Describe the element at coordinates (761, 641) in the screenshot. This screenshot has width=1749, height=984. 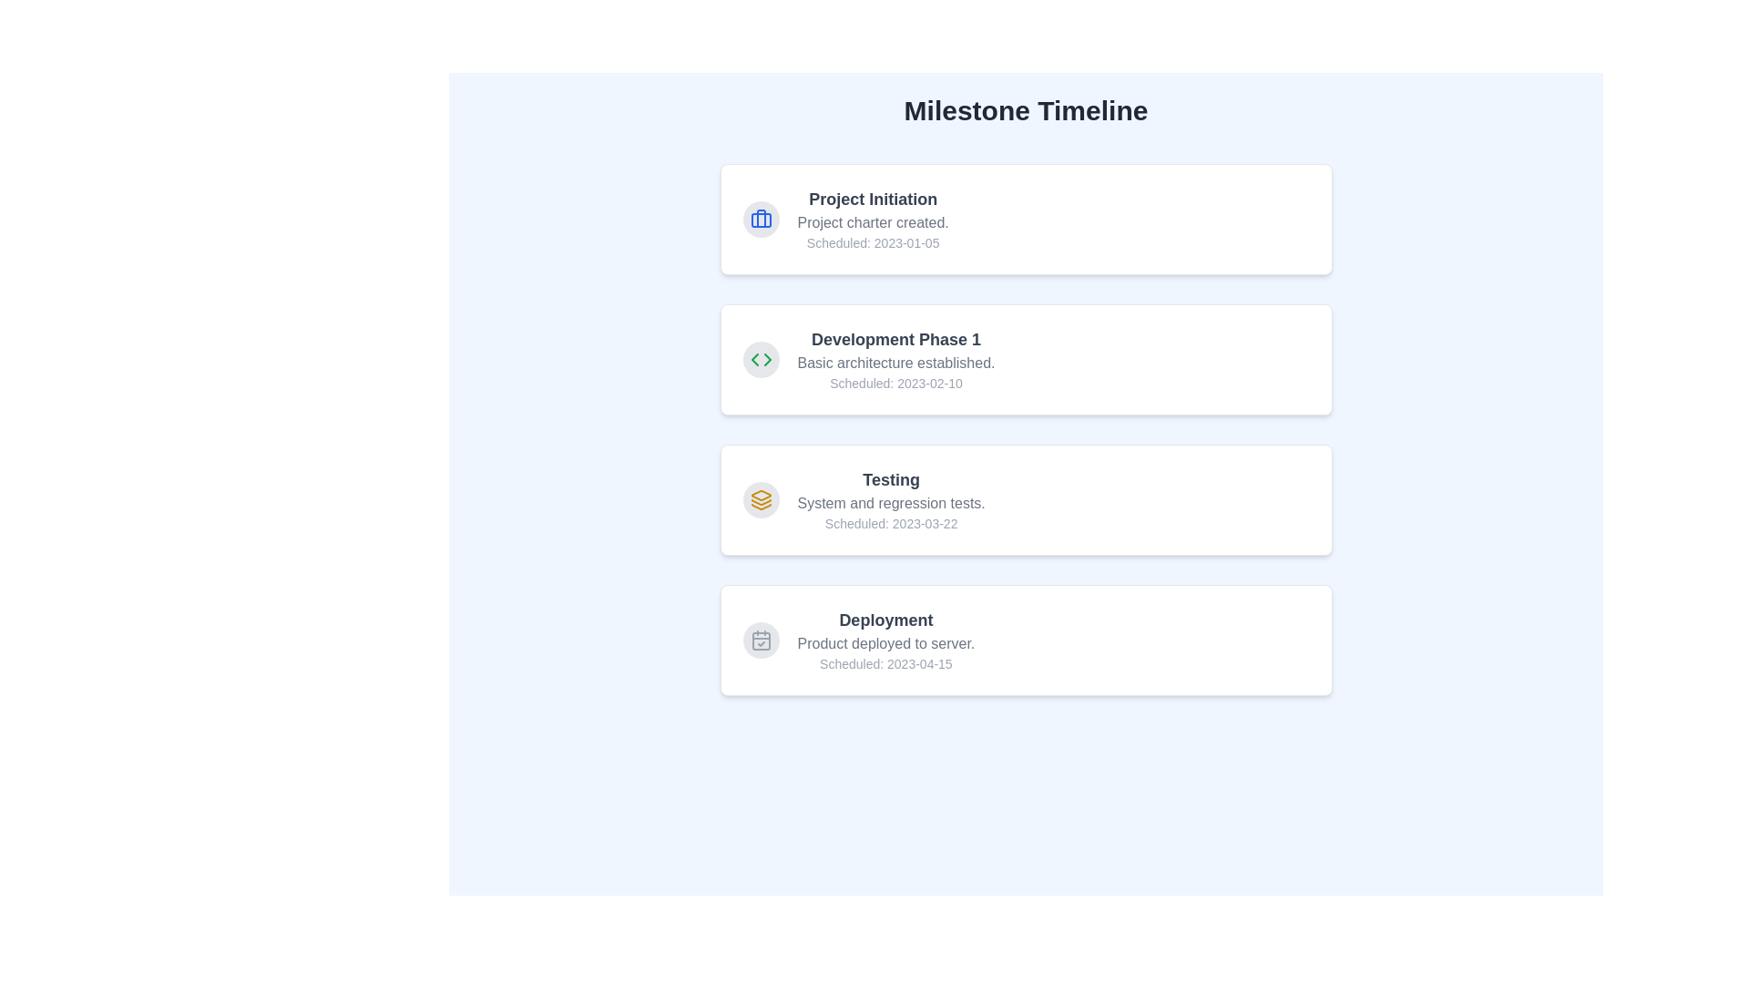
I see `the small grayish rectangle icon that is part of the calendar icon next to the 'Deployment' text in the fourth milestone card of the timeline interface` at that location.